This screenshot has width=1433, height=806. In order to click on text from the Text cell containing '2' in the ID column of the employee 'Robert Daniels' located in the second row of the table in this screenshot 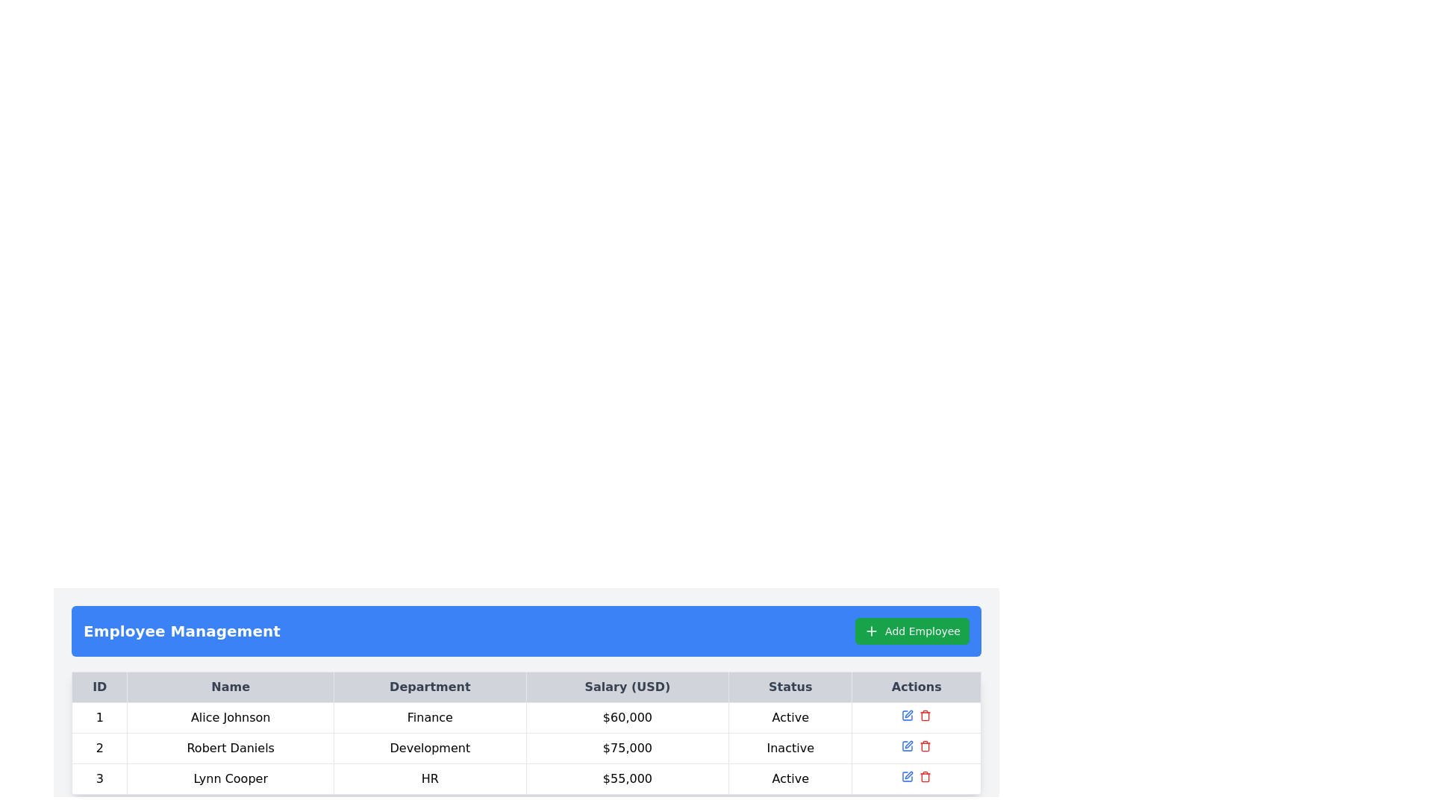, I will do `click(99, 748)`.